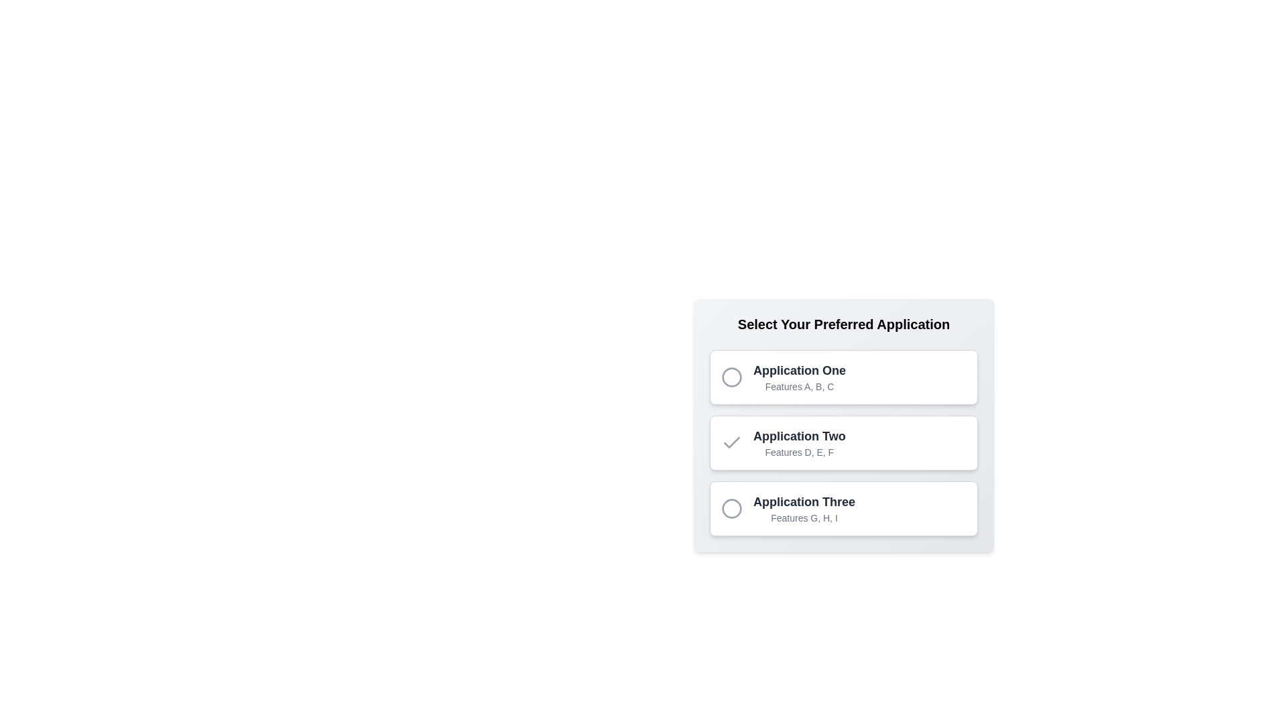 Image resolution: width=1287 pixels, height=724 pixels. What do you see at coordinates (804, 517) in the screenshot?
I see `the static text label providing supplementary information for 'Application Three', positioned directly below the heading` at bounding box center [804, 517].